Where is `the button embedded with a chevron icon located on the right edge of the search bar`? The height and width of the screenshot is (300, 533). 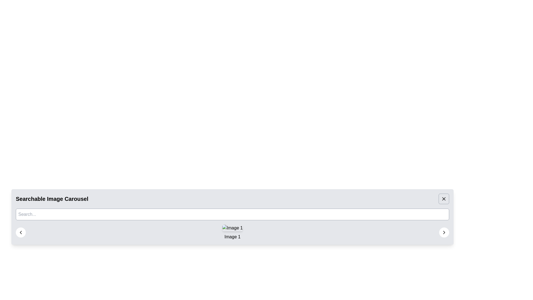
the button embedded with a chevron icon located on the right edge of the search bar is located at coordinates (444, 232).